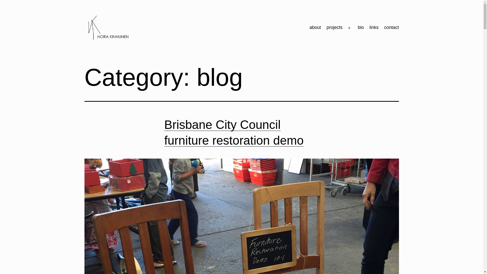 The height and width of the screenshot is (274, 487). Describe the element at coordinates (366, 28) in the screenshot. I see `'links'` at that location.